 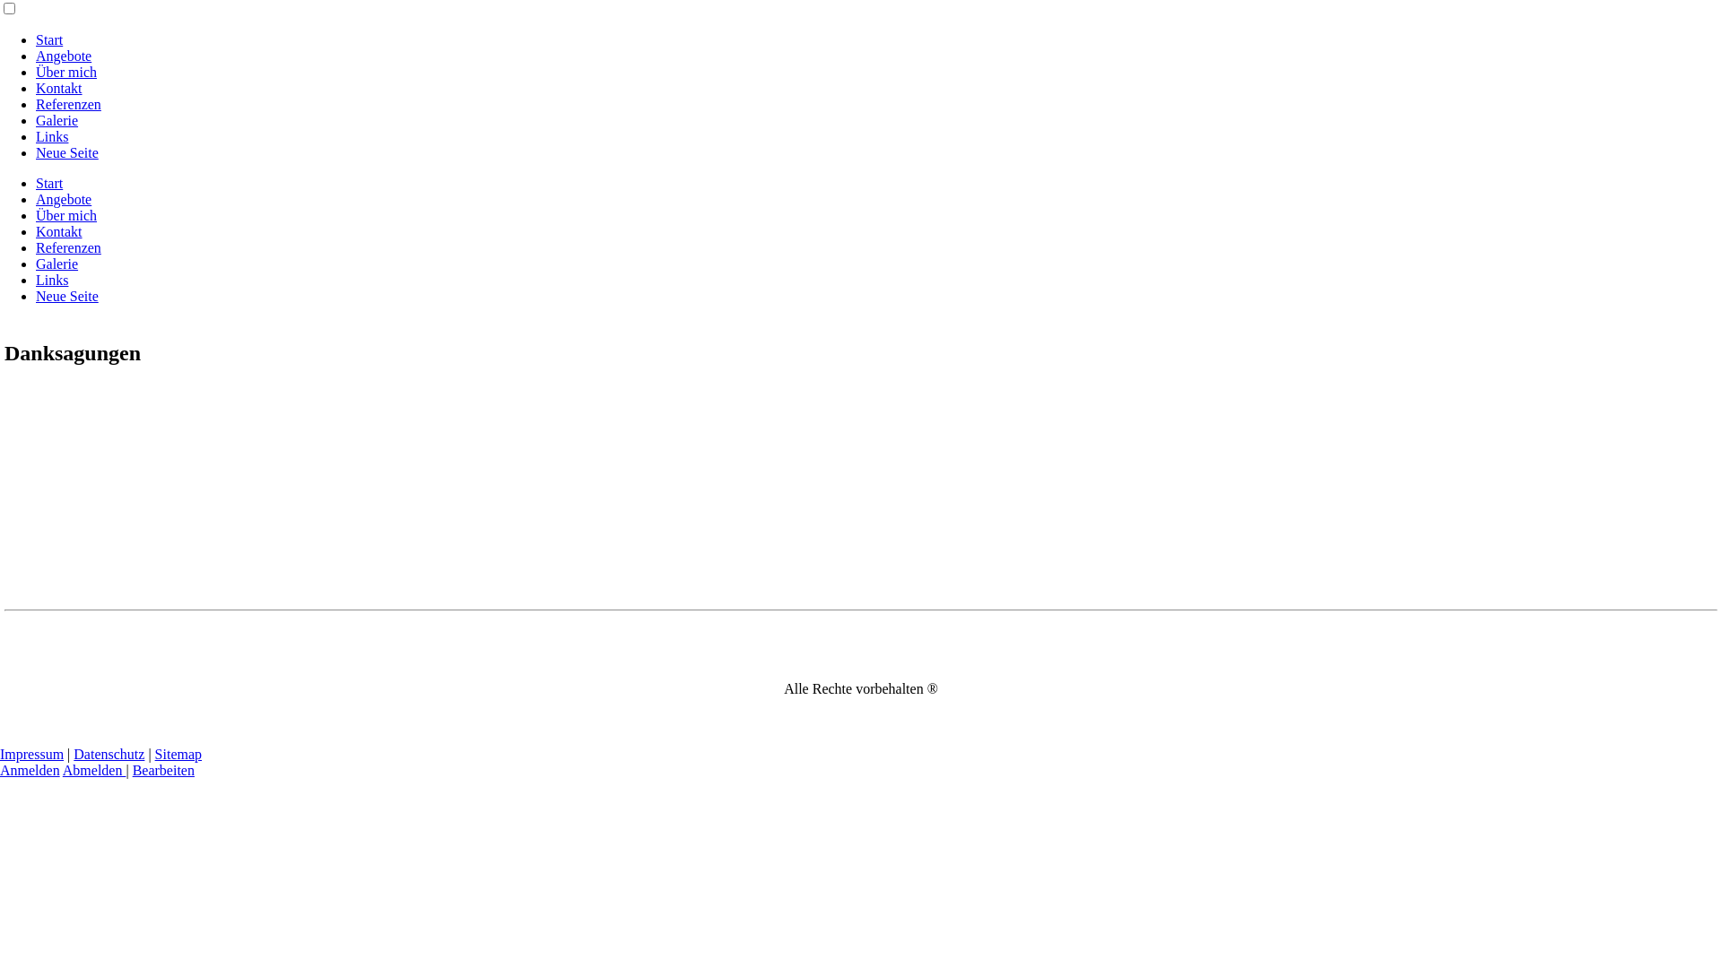 I want to click on 'Links', so click(x=51, y=135).